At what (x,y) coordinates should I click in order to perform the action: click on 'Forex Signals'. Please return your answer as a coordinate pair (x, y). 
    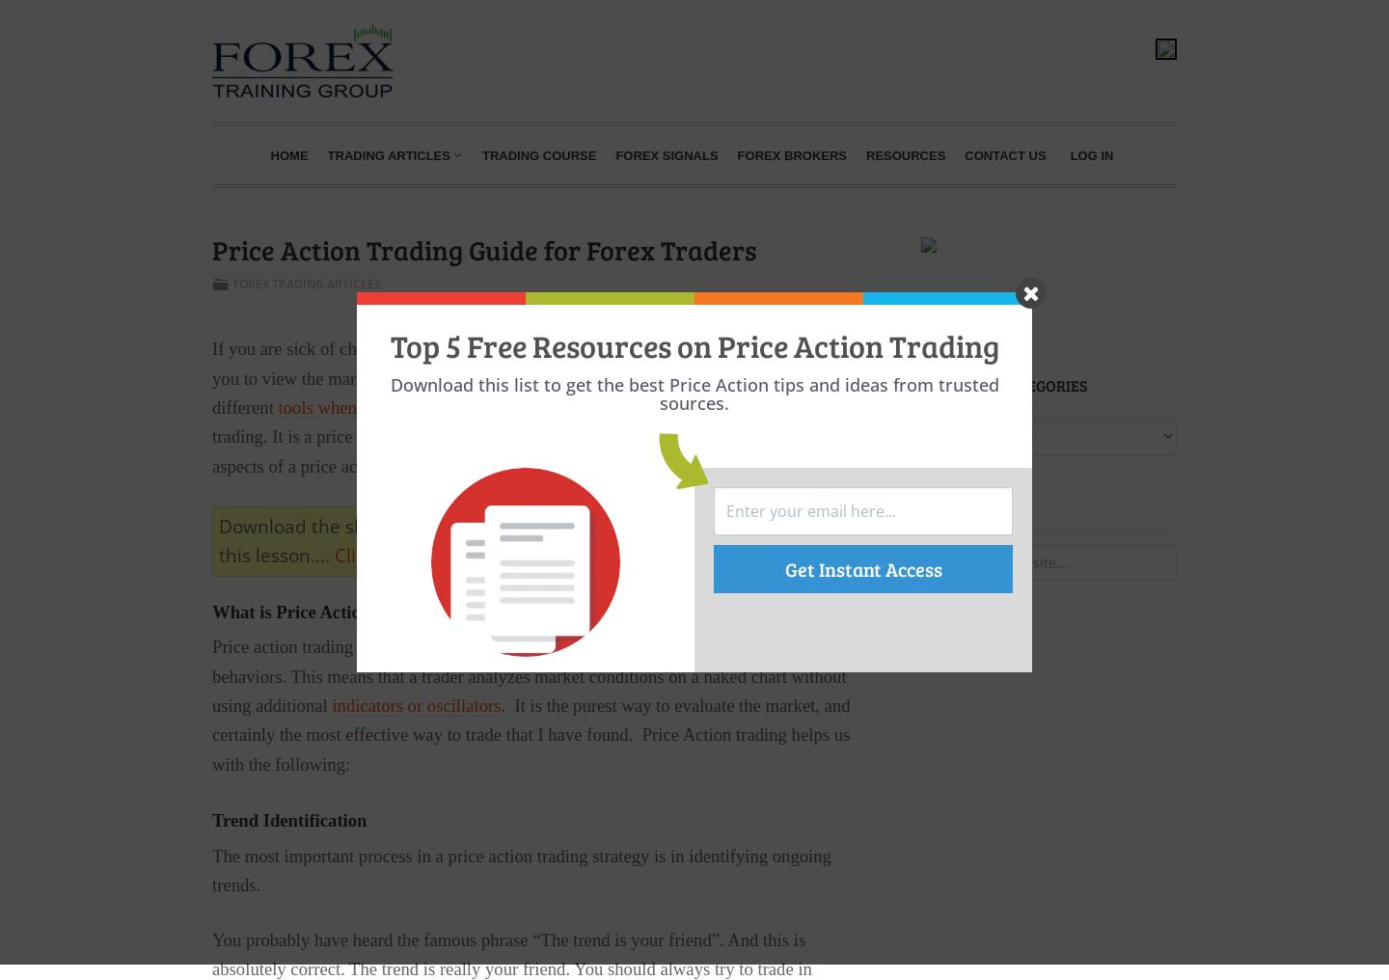
    Looking at the image, I should click on (667, 153).